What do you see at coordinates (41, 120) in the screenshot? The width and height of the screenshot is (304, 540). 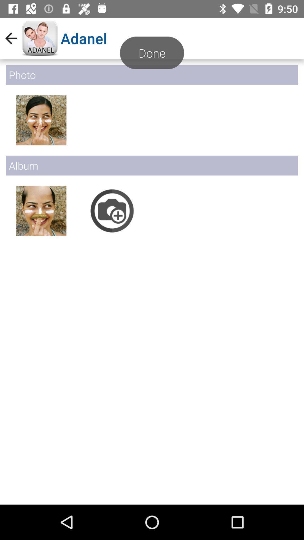 I see `the avatar icon` at bounding box center [41, 120].